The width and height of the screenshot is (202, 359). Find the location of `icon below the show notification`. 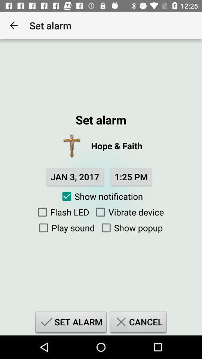

icon below the show notification is located at coordinates (128, 212).